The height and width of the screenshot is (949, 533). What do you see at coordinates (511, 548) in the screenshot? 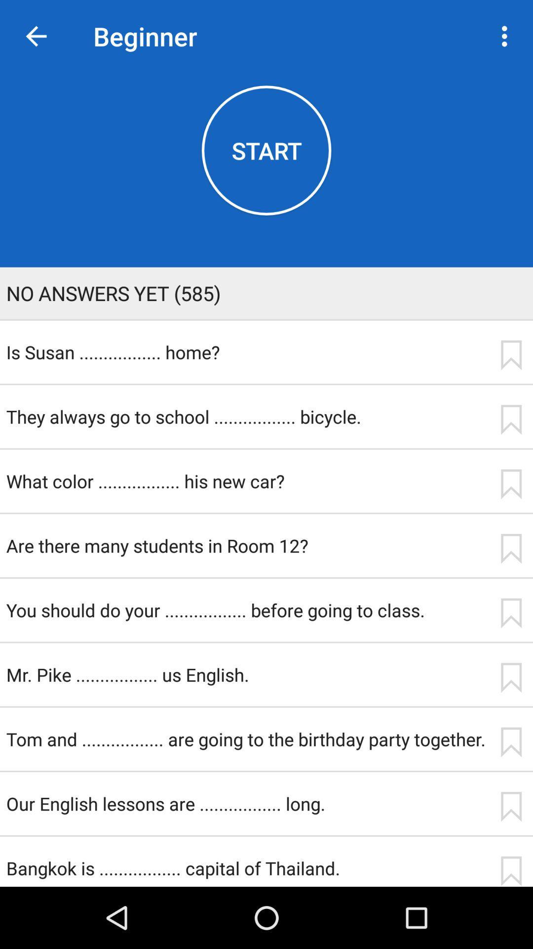
I see `mark the question` at bounding box center [511, 548].